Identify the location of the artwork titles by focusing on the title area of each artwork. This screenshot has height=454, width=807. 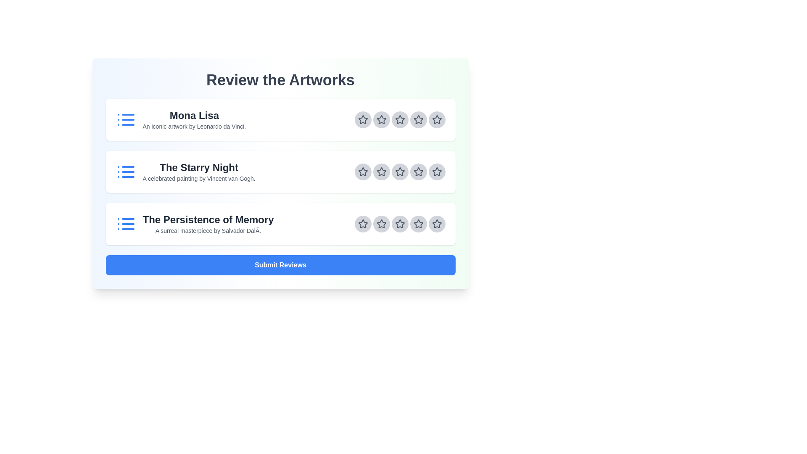
(193, 115).